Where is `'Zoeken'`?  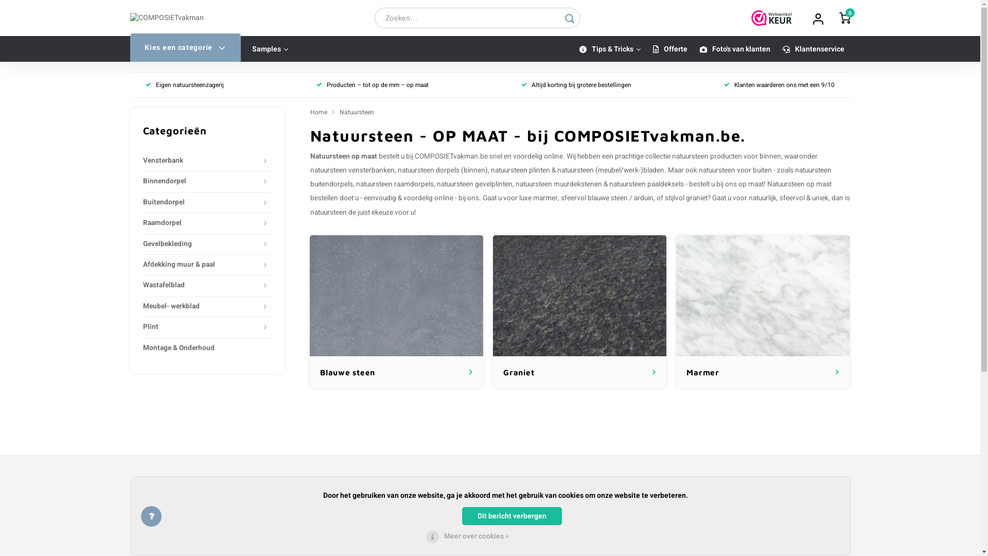 'Zoeken' is located at coordinates (558, 18).